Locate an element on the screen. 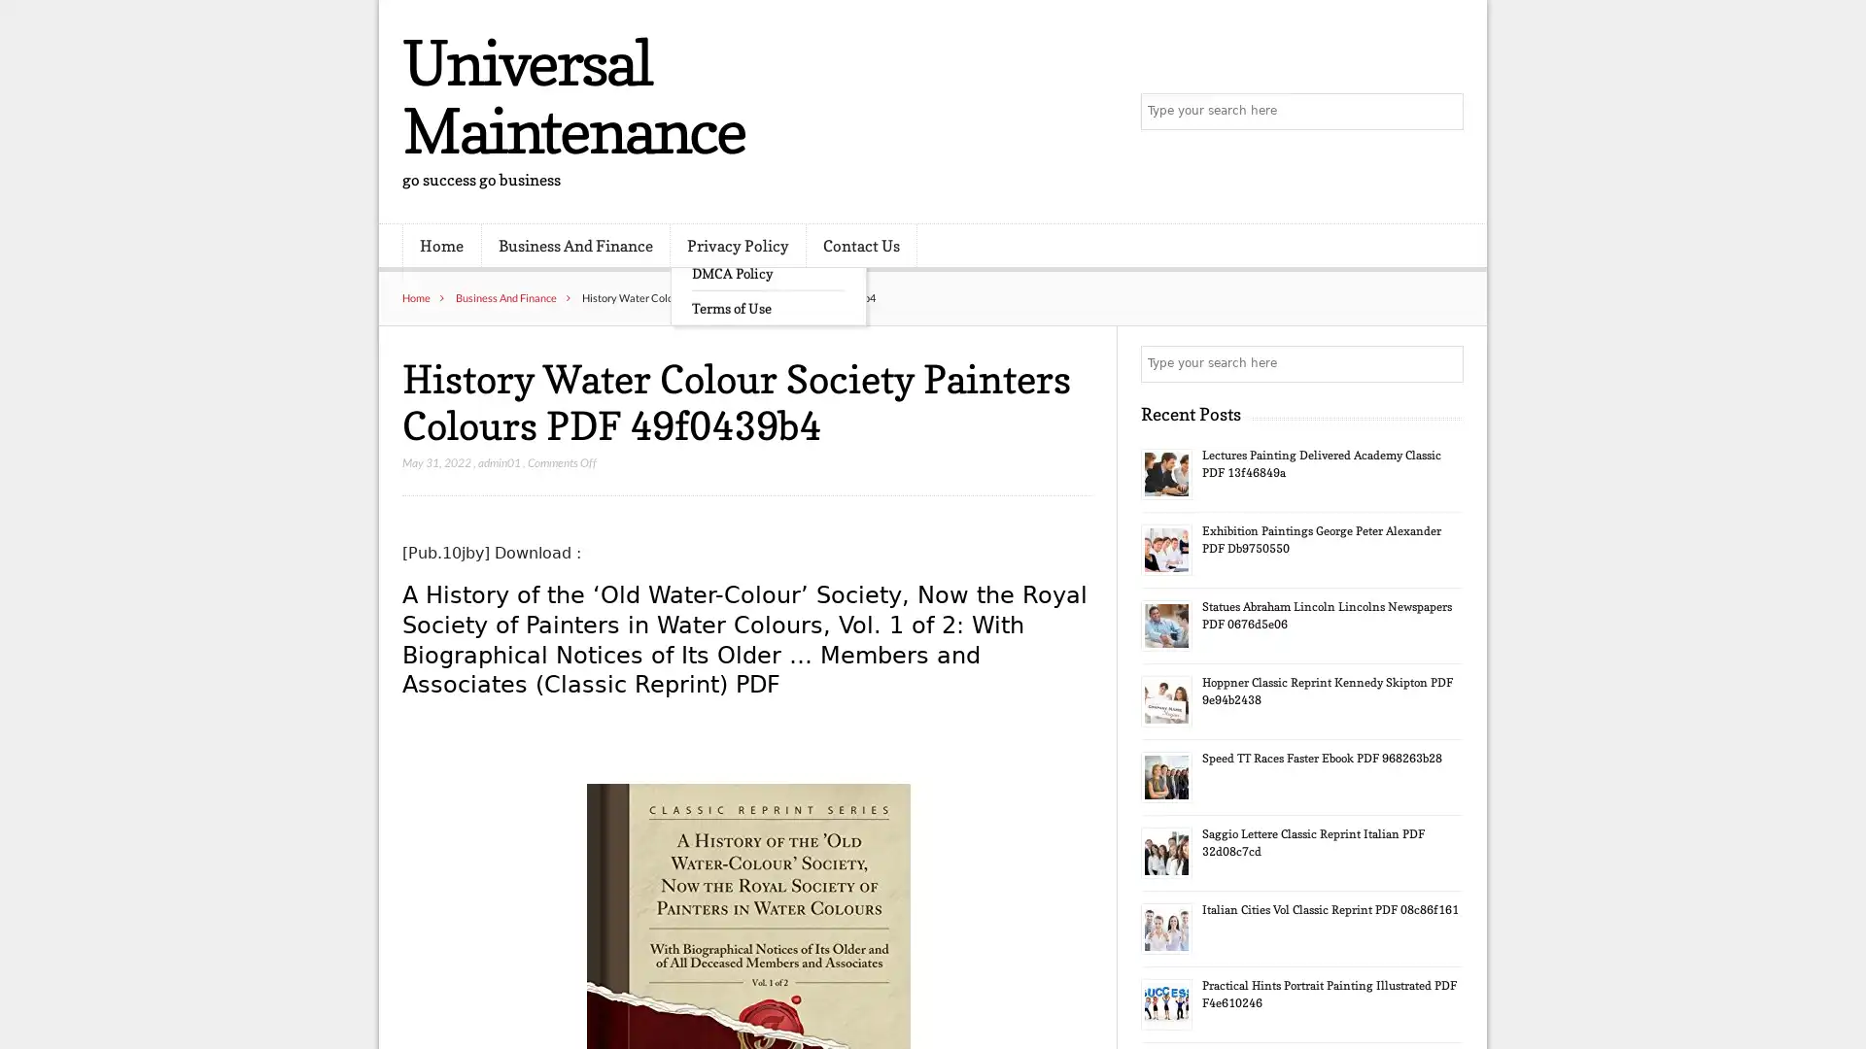 The image size is (1866, 1049). Search is located at coordinates (1443, 363).